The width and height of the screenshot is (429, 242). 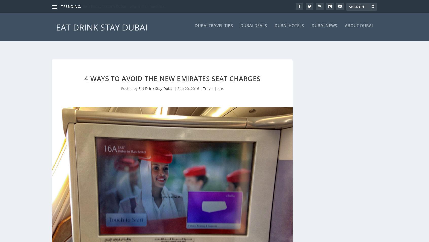 What do you see at coordinates (324, 29) in the screenshot?
I see `'Dubai News'` at bounding box center [324, 29].